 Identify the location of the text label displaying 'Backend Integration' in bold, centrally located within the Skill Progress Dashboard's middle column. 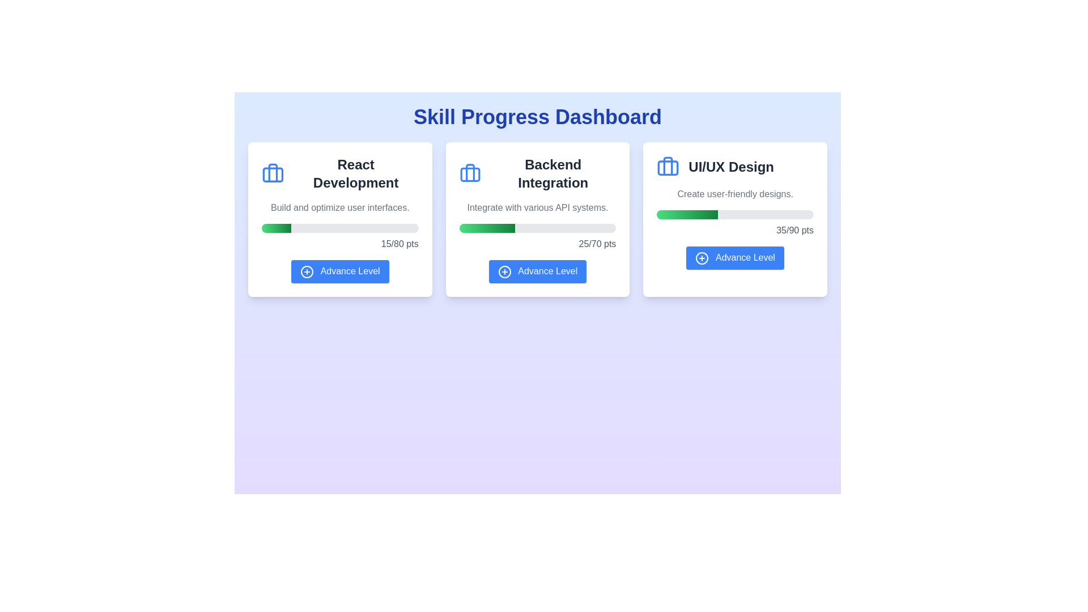
(553, 174).